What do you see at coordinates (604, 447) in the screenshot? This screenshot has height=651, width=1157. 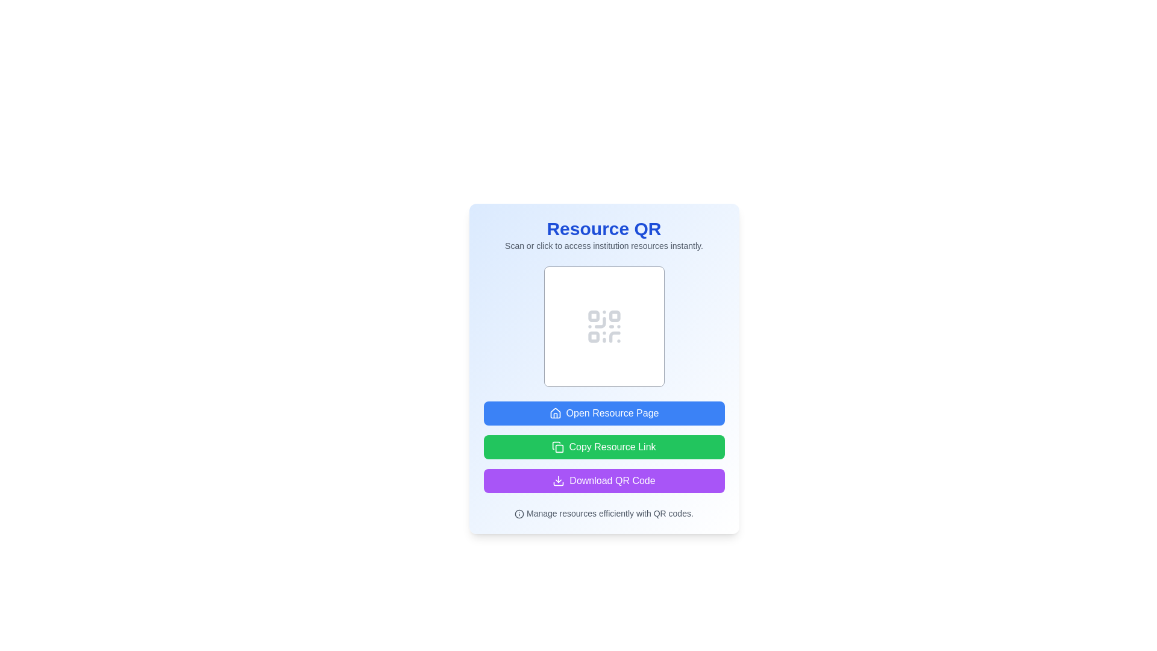 I see `the green button labeled 'Copy Resource Link', which contains a white icon of overlapping squares, to copy the resource link` at bounding box center [604, 447].